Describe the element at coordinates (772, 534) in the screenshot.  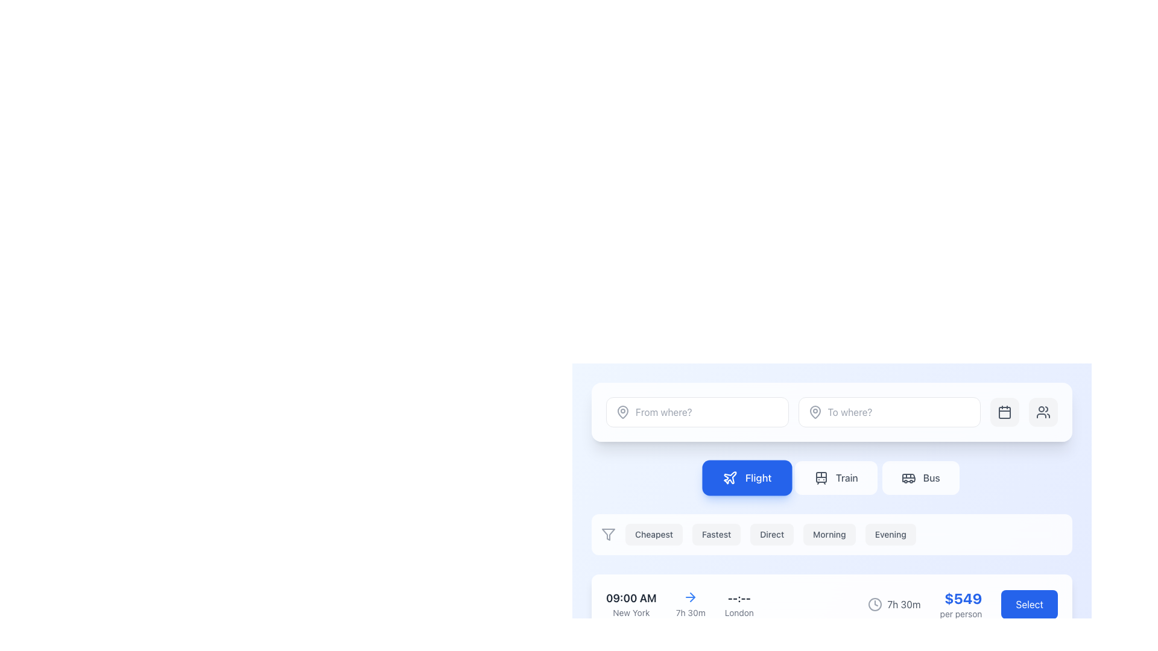
I see `the 'Direct' button, which is the third button in a horizontal list of selectable buttons labeled 'Cheapest', 'Fastest', 'Direct', 'Morning', and 'Evening'` at that location.